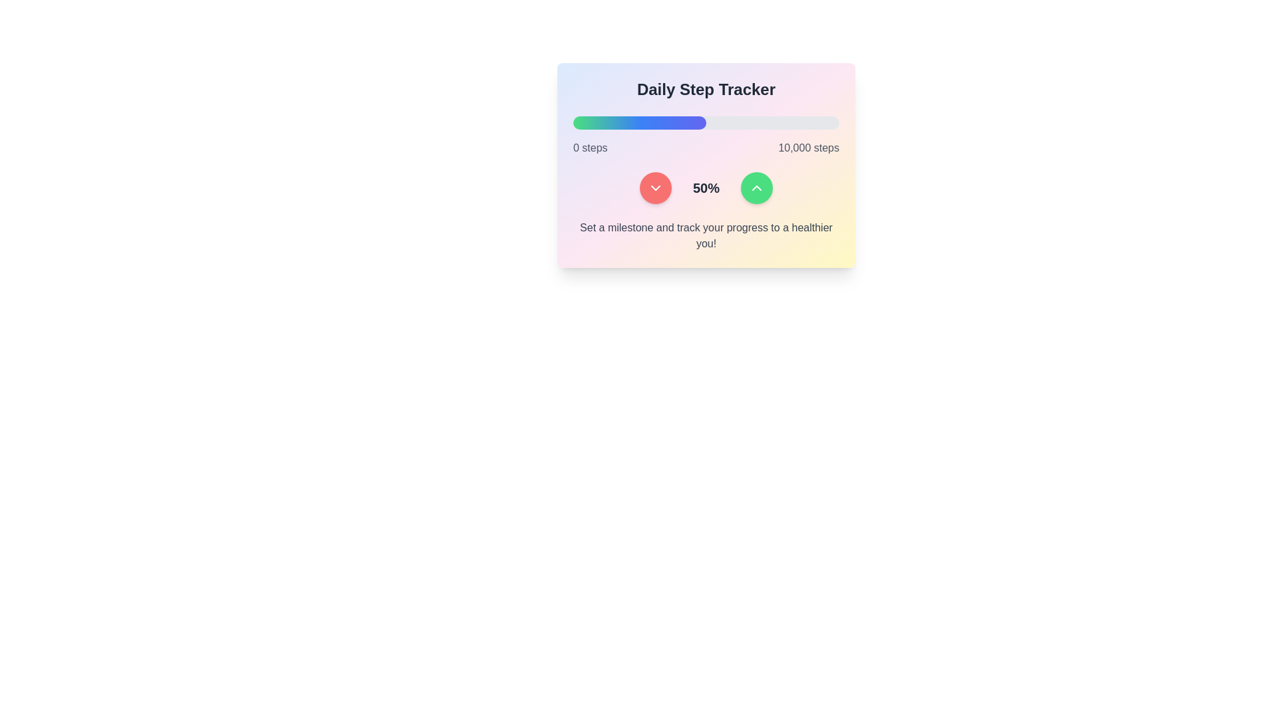 The height and width of the screenshot is (718, 1277). I want to click on the horizontal progress bar segment that is gradient colored and indicates 50% progress within the 'Daily Step Tracker' interface, so click(639, 123).